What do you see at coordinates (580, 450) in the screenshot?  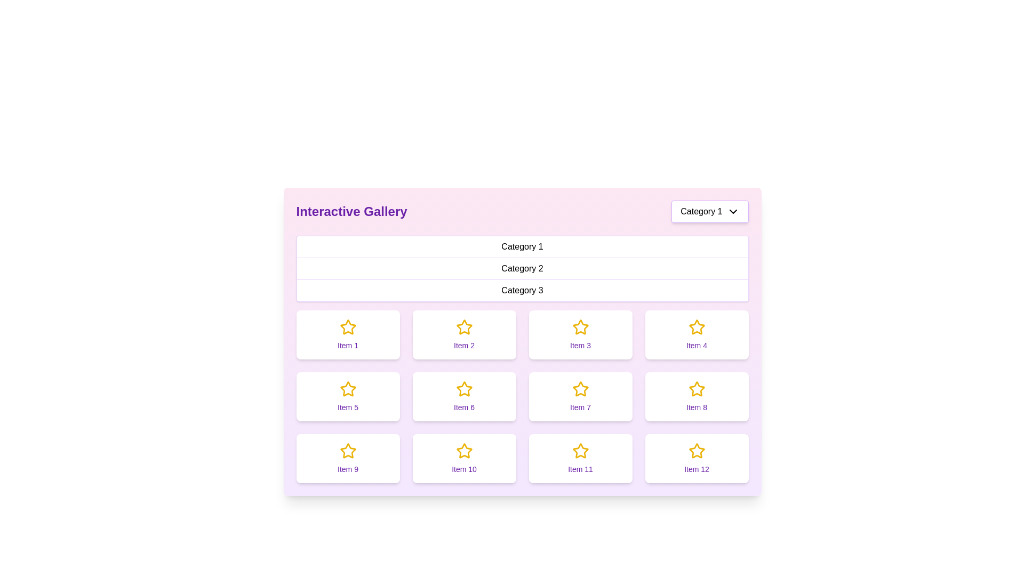 I see `the star icon located in the third row and third column of a 3x4 grid to rate or select Item 11` at bounding box center [580, 450].